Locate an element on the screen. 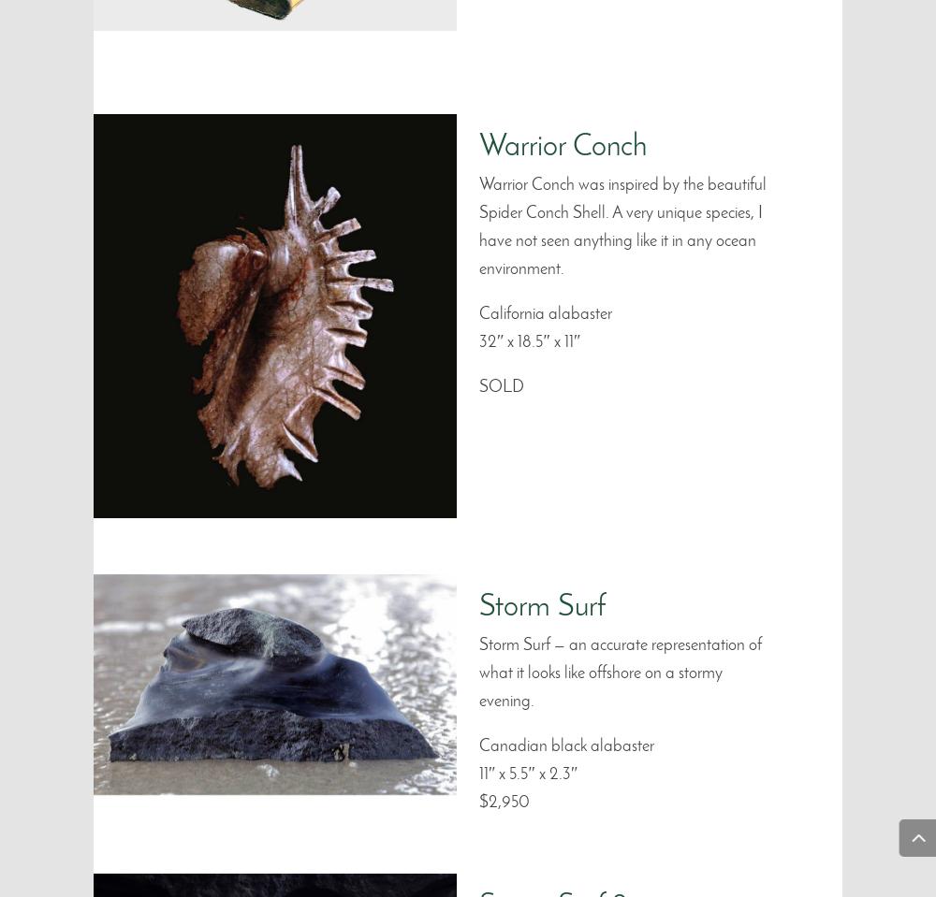  'Storm Surf — an accurate representation of what it looks like offshore on a stormy evening.' is located at coordinates (621, 673).